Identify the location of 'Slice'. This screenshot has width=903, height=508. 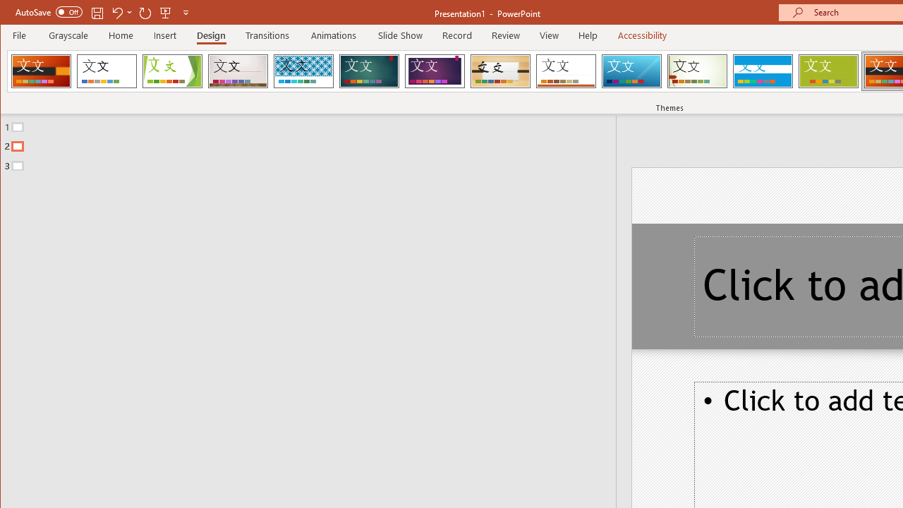
(631, 71).